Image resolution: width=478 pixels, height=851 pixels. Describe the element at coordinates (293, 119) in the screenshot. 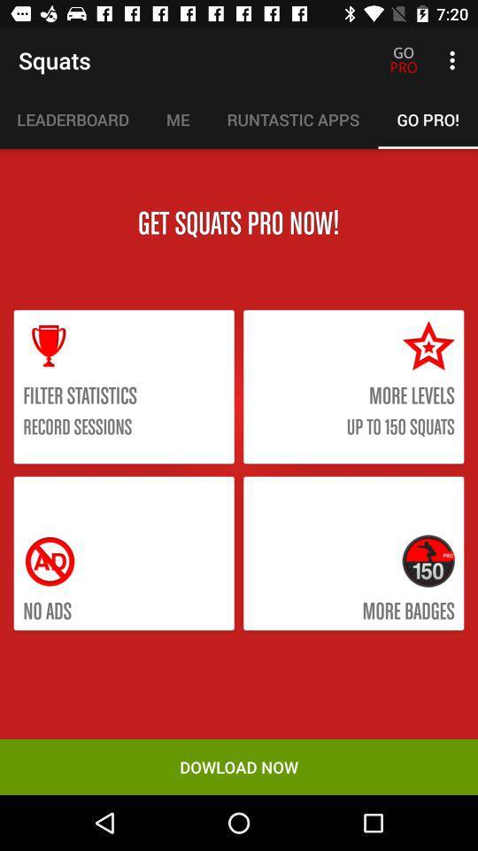

I see `runtastic apps icon` at that location.